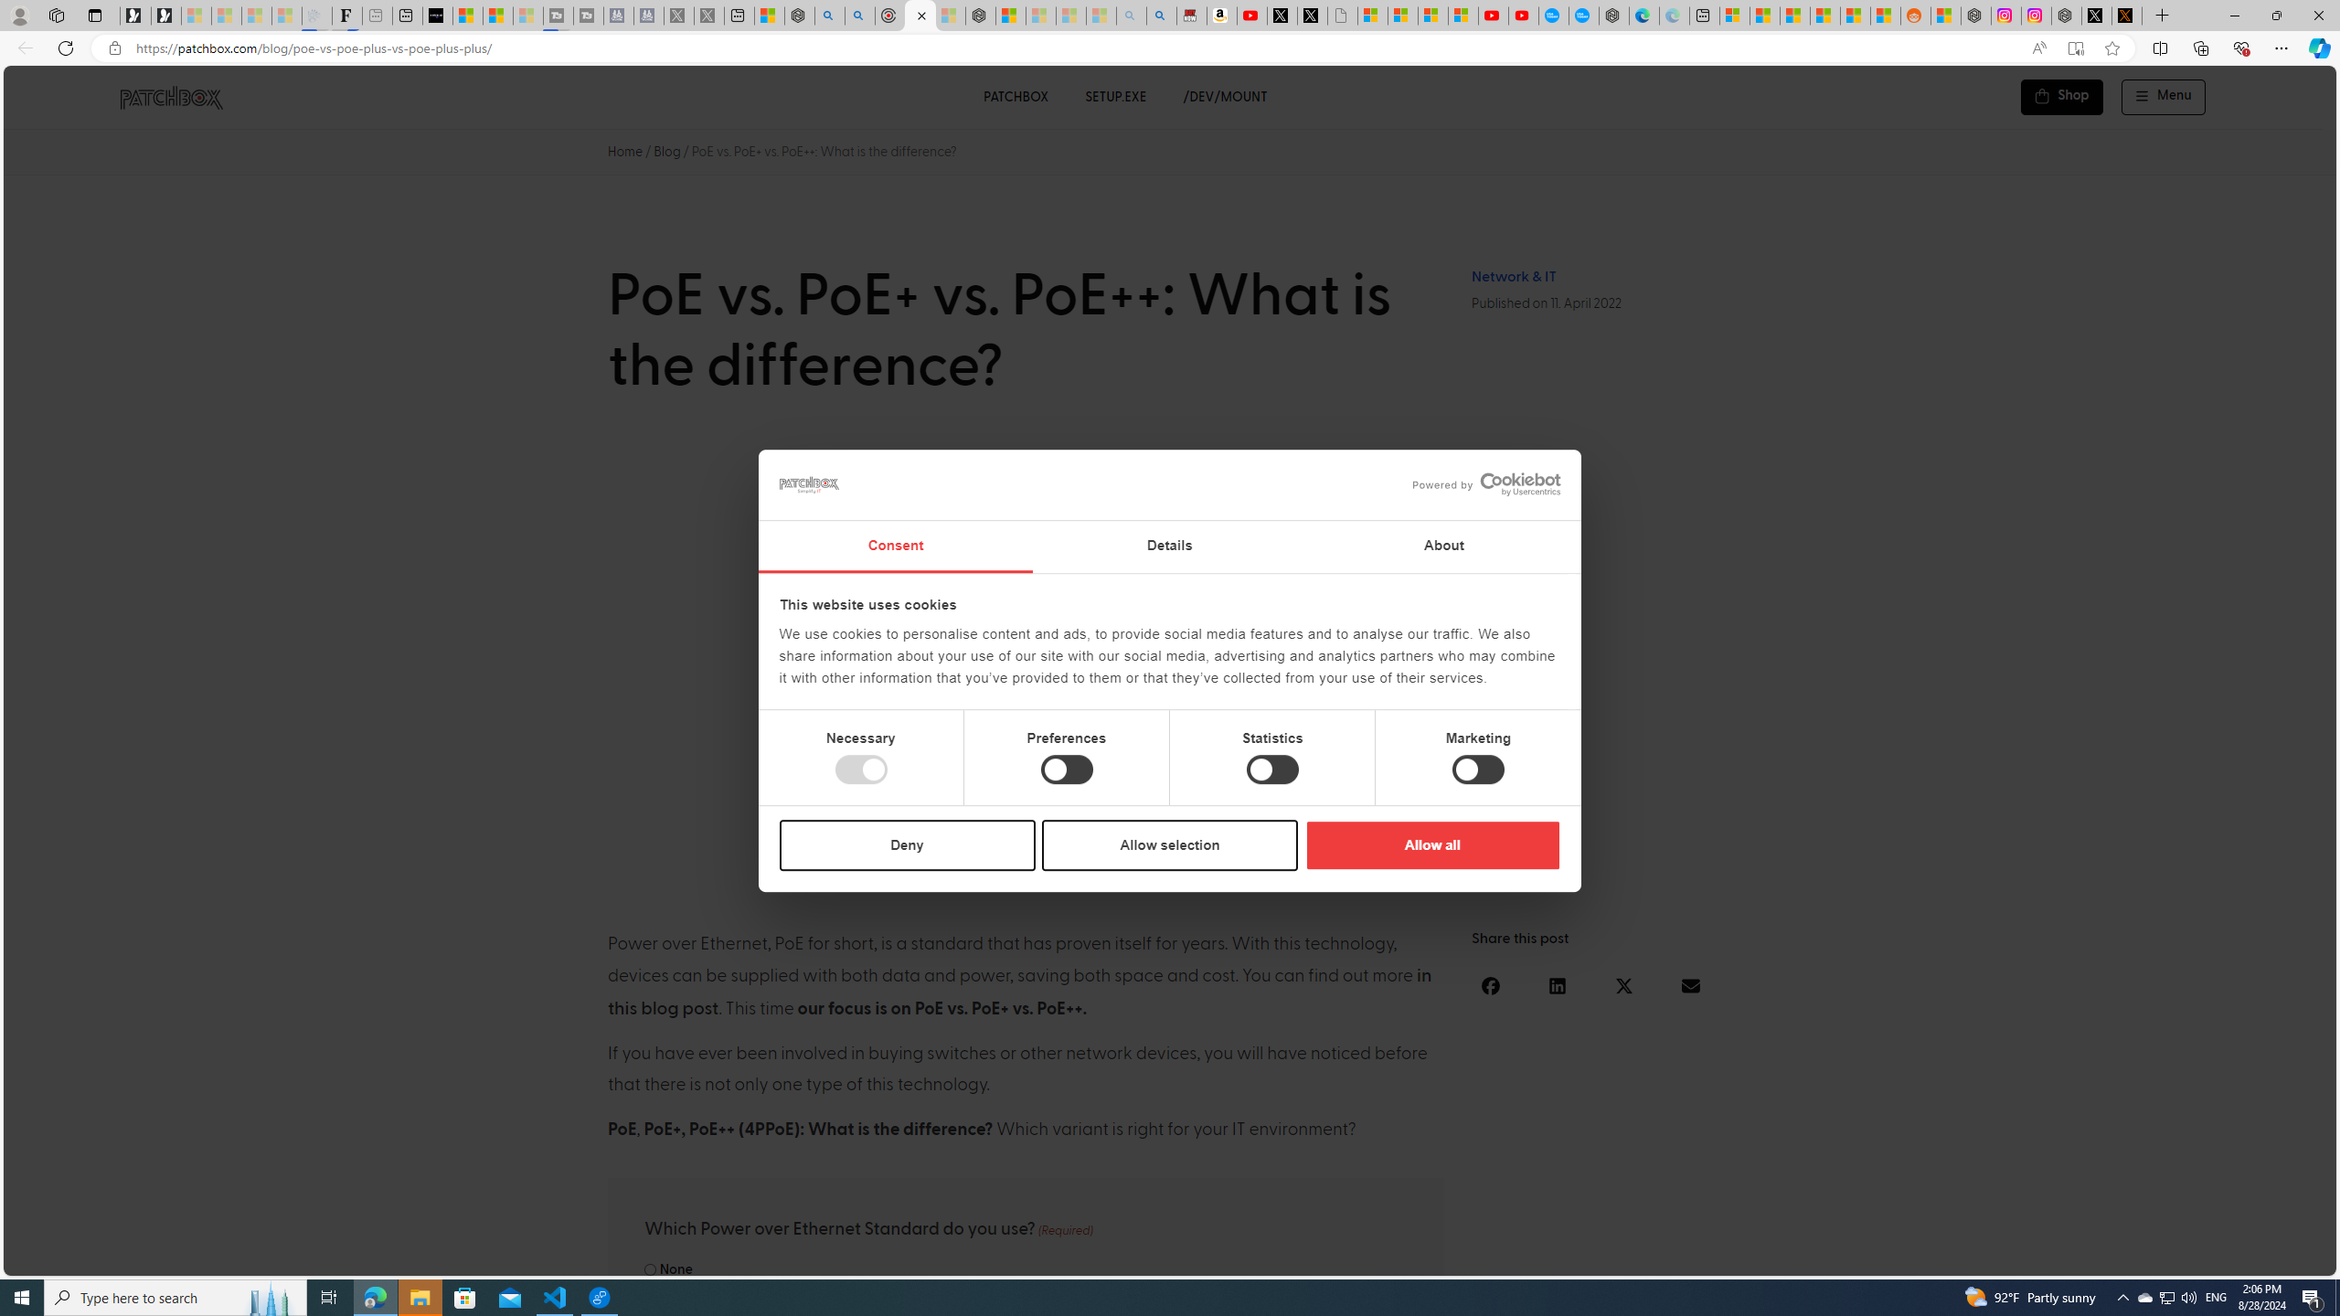 This screenshot has height=1316, width=2340. What do you see at coordinates (1624, 986) in the screenshot?
I see `'Share on x-twitter'` at bounding box center [1624, 986].